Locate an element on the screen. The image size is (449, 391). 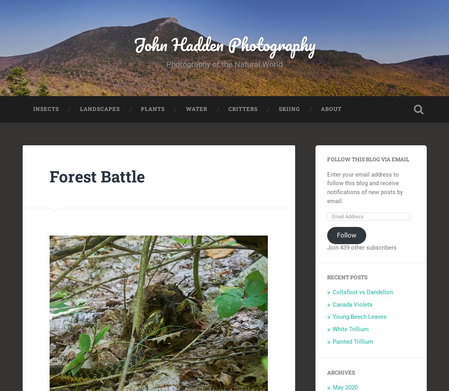
'Enter your email address to follow this blog and receive notifications of new posts by email.' is located at coordinates (365, 187).